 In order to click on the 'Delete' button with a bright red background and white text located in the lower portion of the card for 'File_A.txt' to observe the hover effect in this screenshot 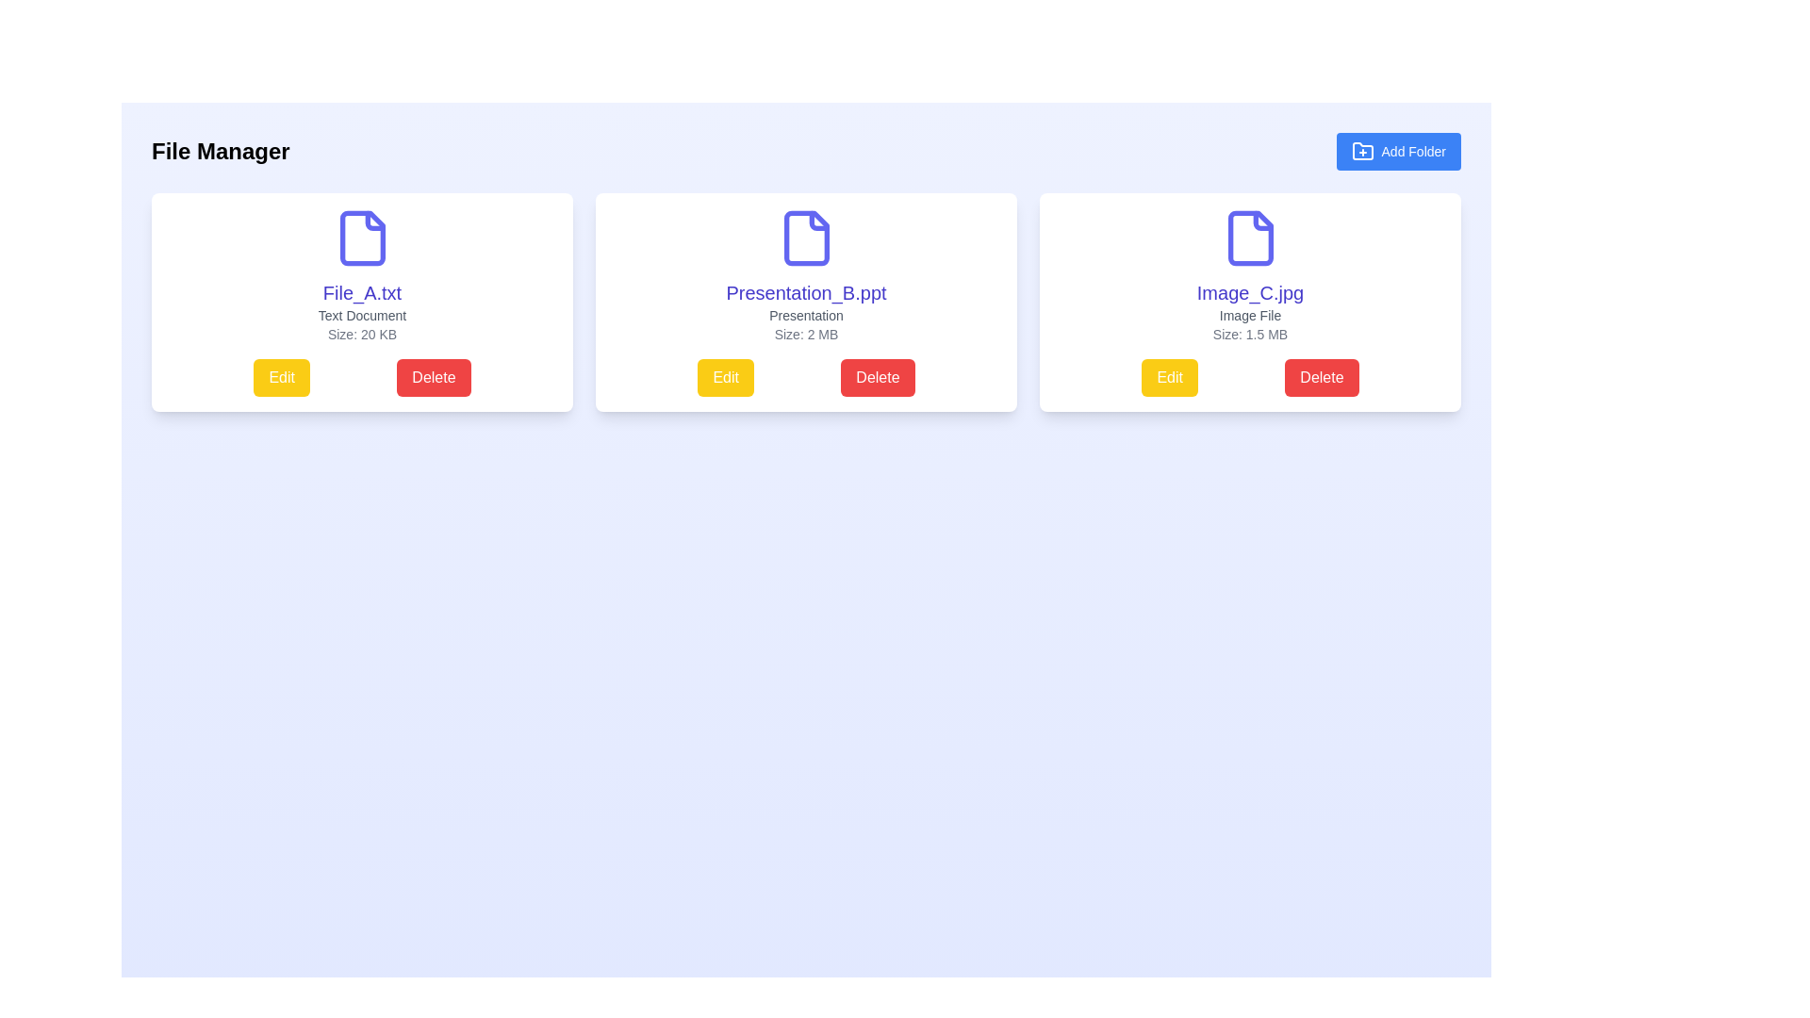, I will do `click(433, 378)`.